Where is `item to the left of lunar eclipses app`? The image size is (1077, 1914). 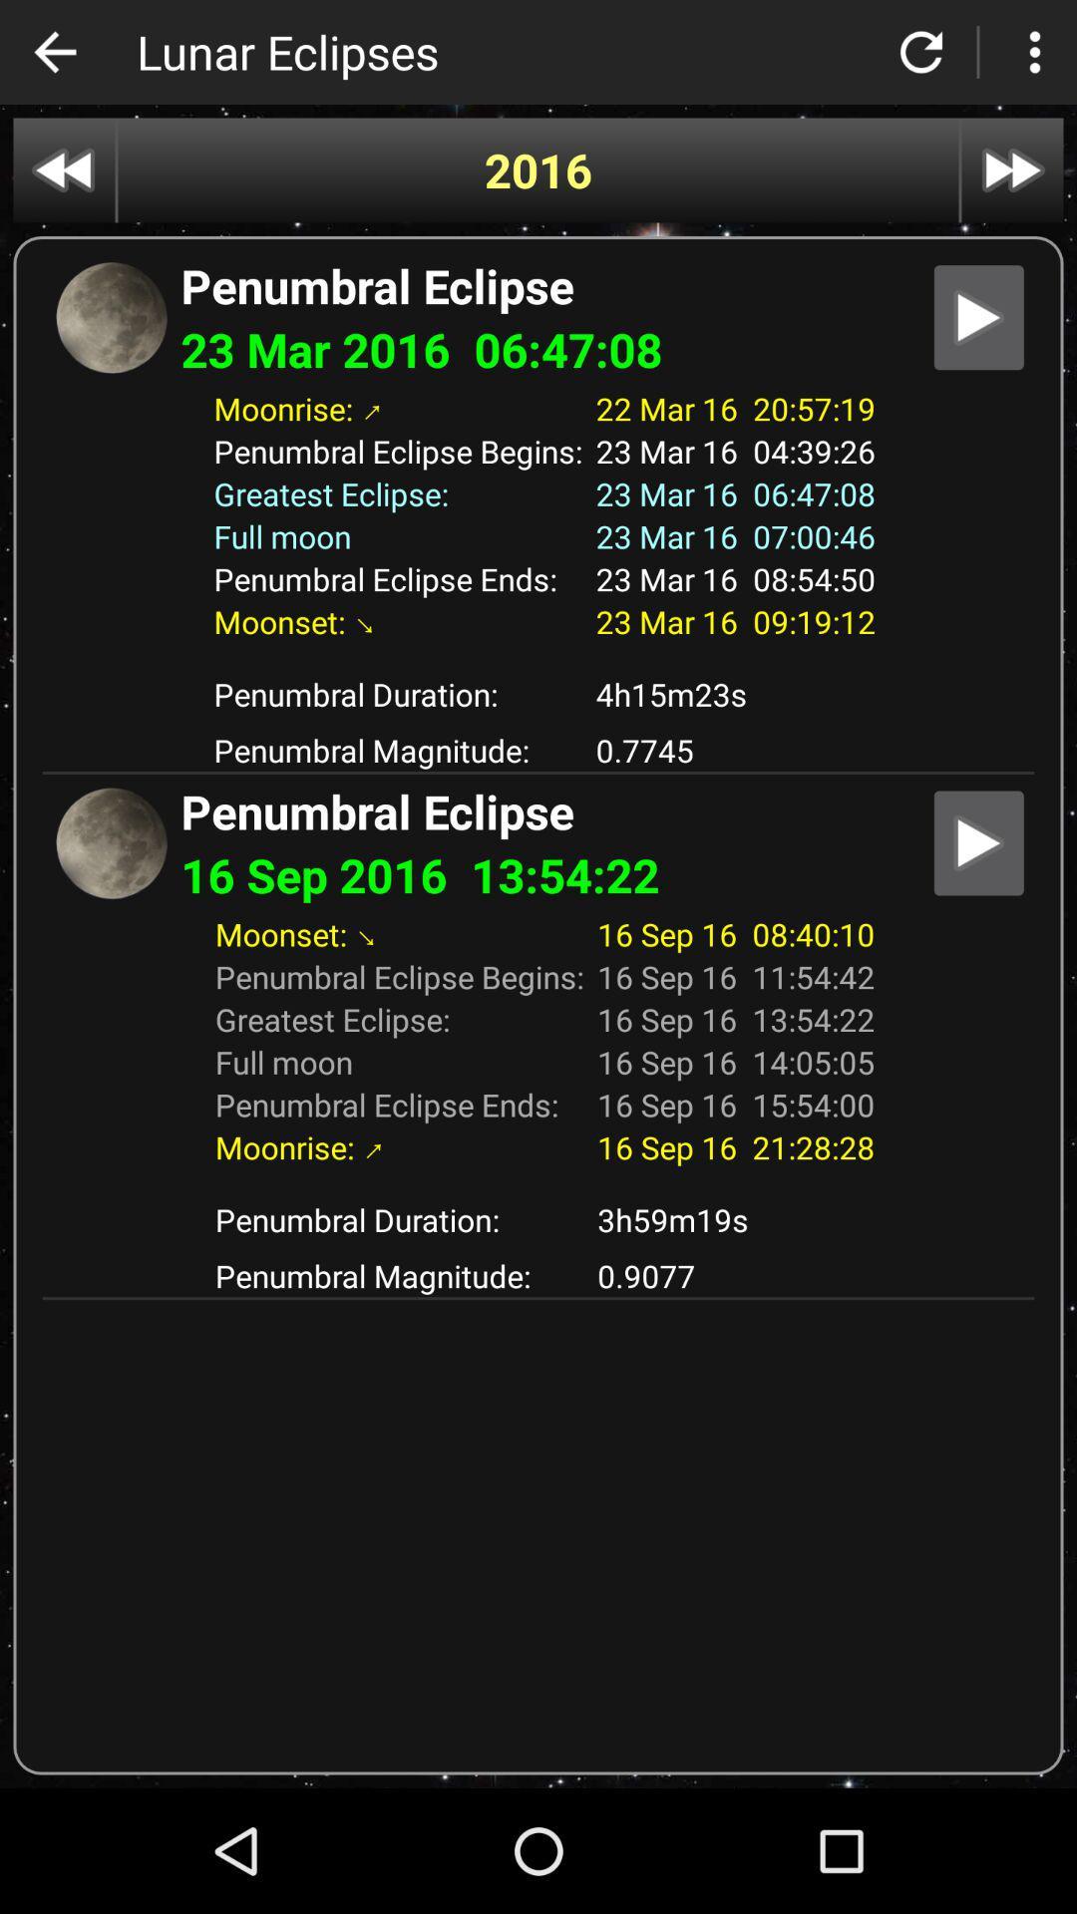
item to the left of lunar eclipses app is located at coordinates (54, 52).